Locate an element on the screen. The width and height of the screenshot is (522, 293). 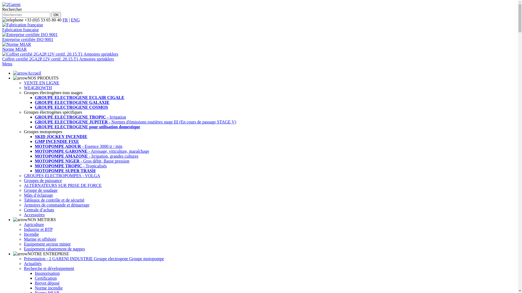
'SKID JOCKEY INCENDIE' is located at coordinates (35, 136).